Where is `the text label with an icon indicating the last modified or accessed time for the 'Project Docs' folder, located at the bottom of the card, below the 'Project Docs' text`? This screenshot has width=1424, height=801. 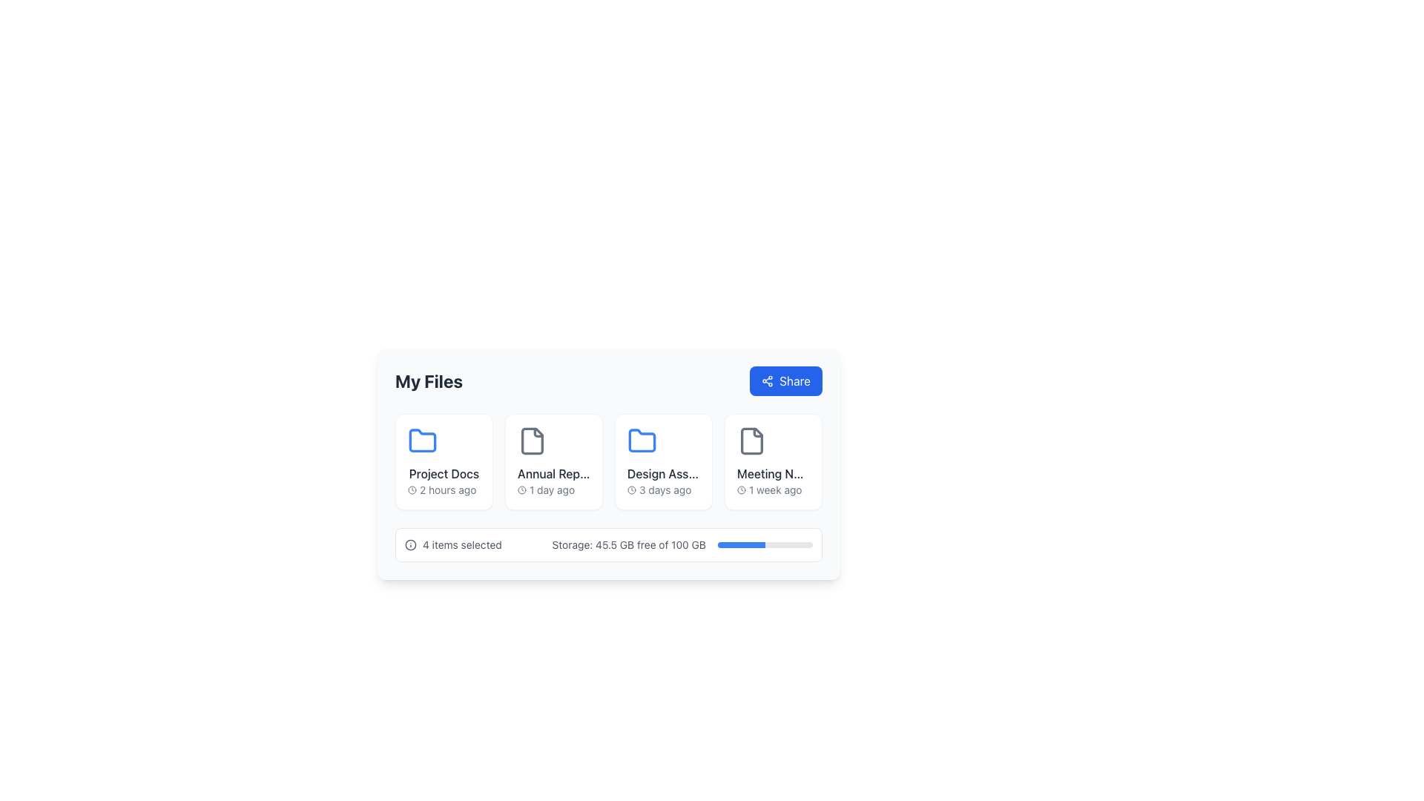
the text label with an icon indicating the last modified or accessed time for the 'Project Docs' folder, located at the bottom of the card, below the 'Project Docs' text is located at coordinates (444, 489).